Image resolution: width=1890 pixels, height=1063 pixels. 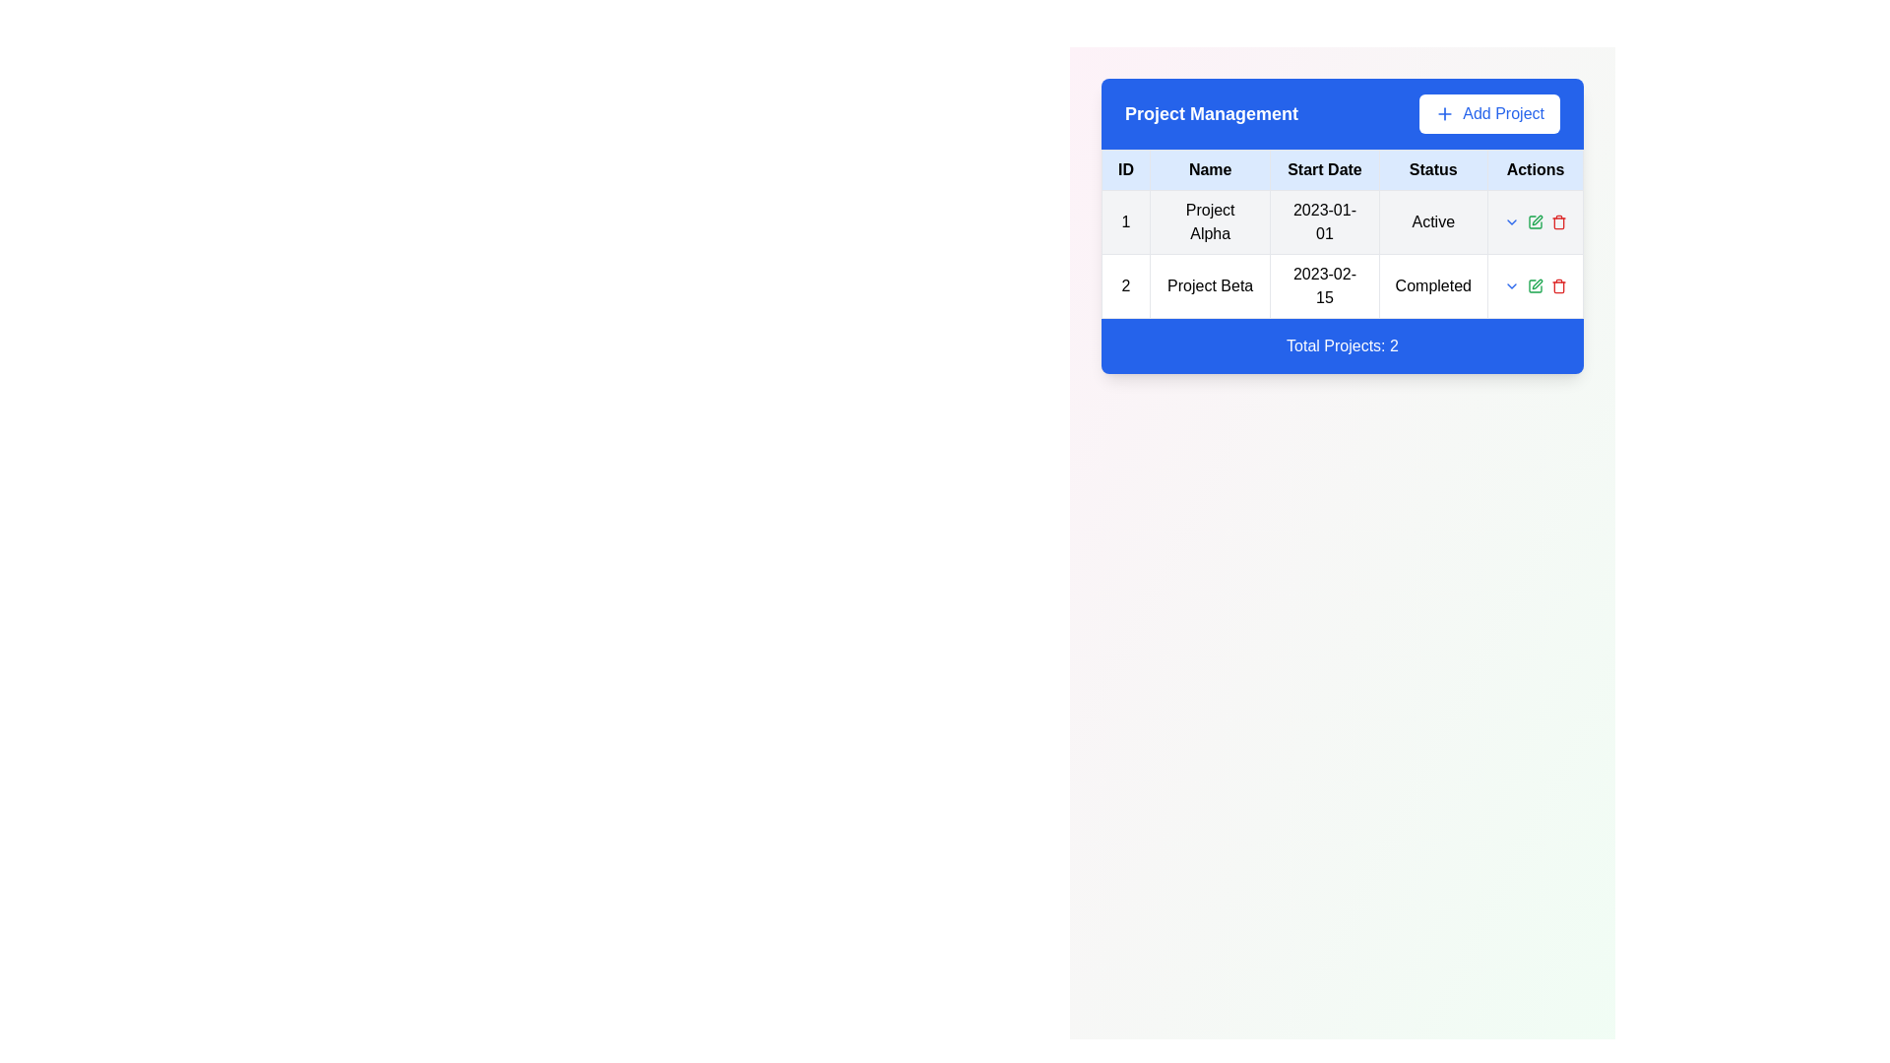 I want to click on the trash icon button in the 'Actions' column of the Project Management table, so click(x=1558, y=221).